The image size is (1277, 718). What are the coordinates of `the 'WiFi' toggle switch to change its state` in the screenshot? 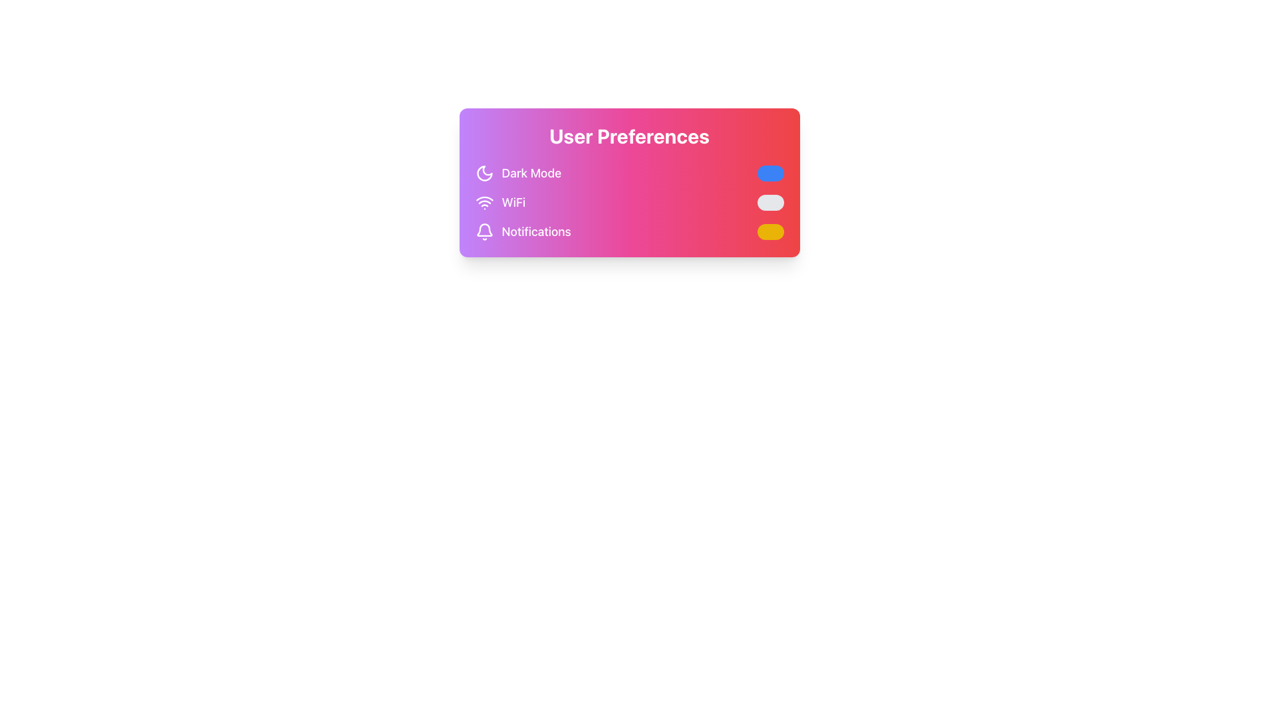 It's located at (770, 202).